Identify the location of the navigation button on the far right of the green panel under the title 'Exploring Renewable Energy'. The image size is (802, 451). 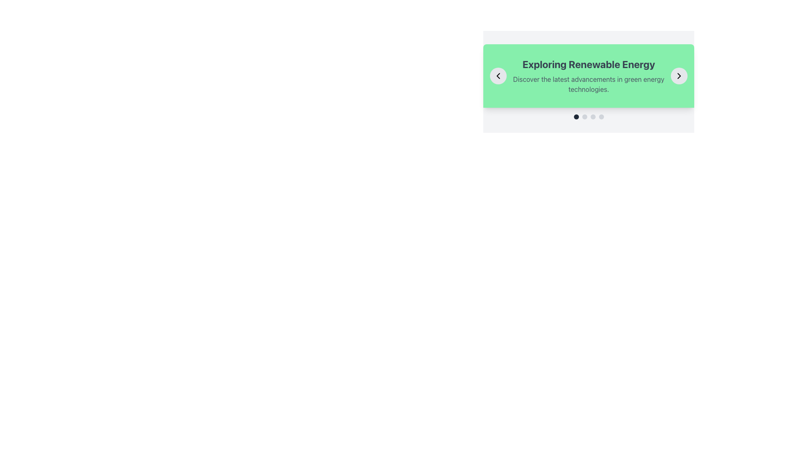
(679, 76).